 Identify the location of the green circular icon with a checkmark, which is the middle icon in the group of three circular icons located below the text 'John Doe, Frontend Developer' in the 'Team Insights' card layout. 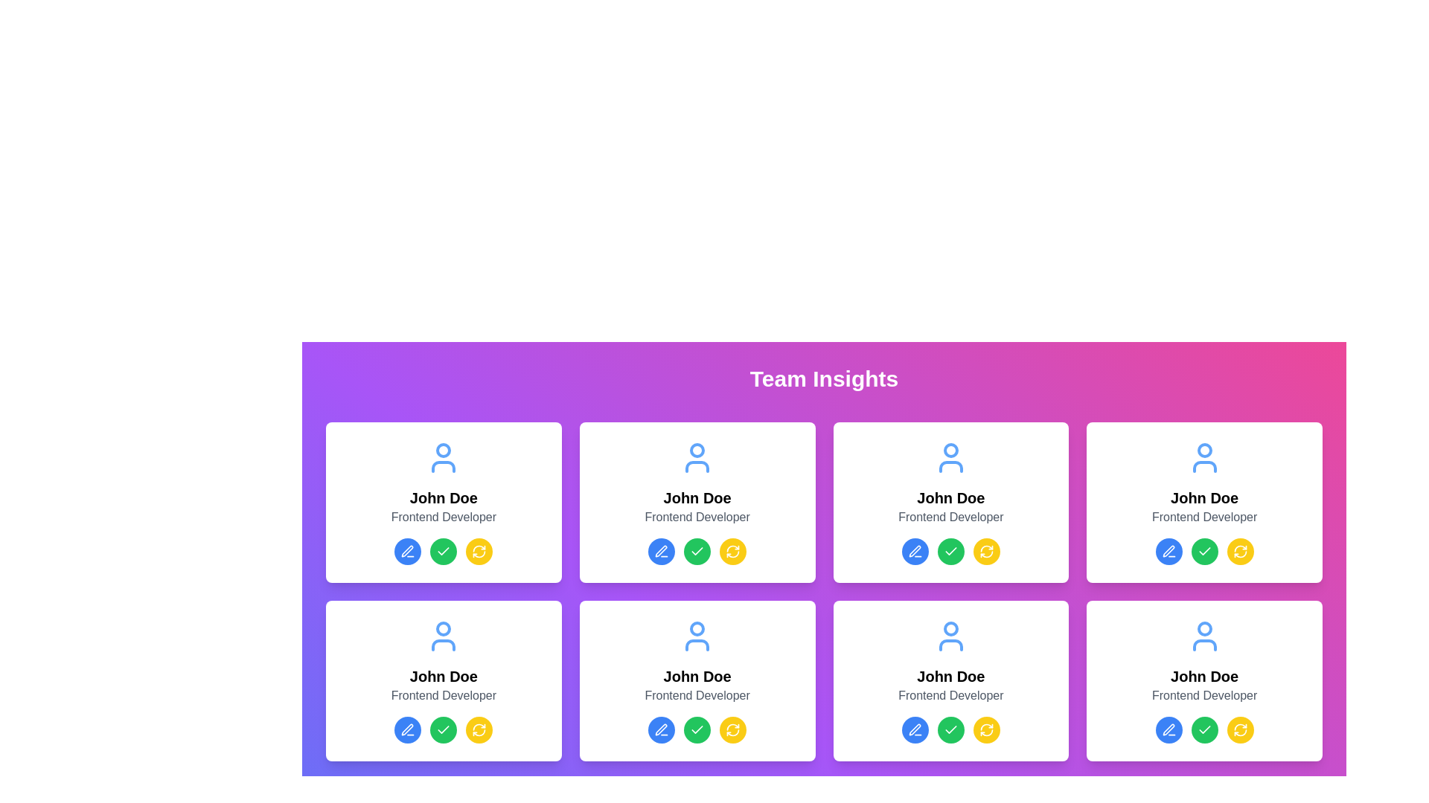
(950, 551).